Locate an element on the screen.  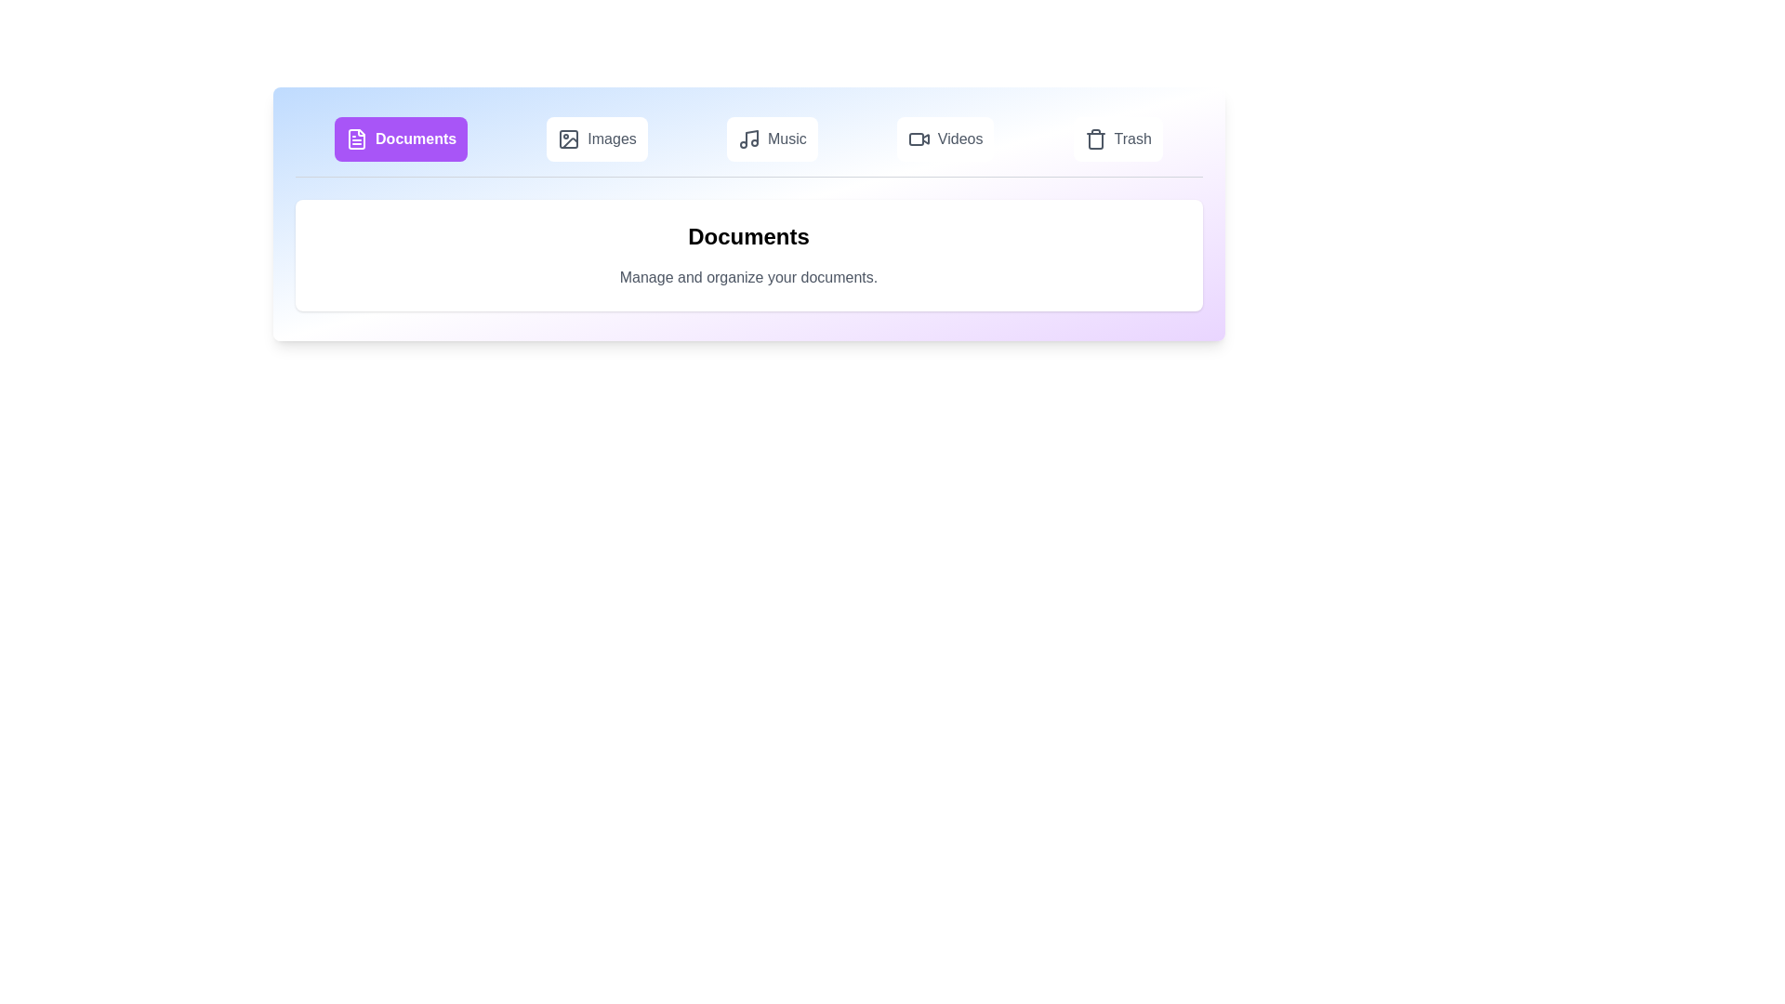
the tab labeled Images to preview its effect is located at coordinates (597, 139).